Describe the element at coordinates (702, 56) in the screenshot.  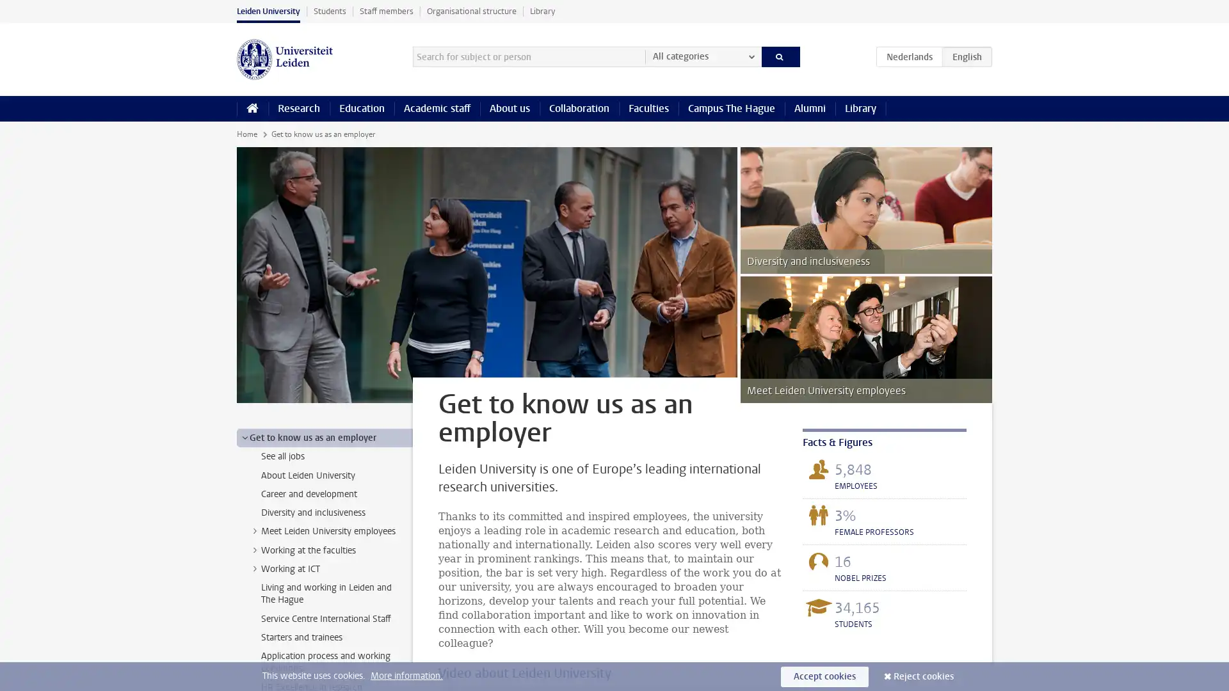
I see `All categories` at that location.